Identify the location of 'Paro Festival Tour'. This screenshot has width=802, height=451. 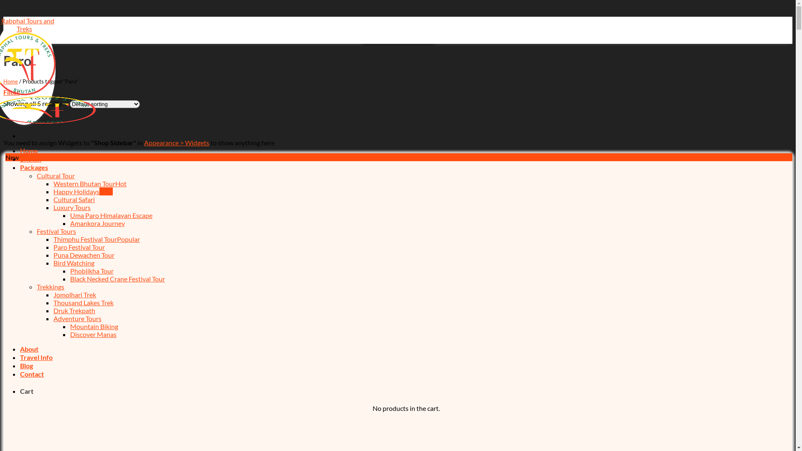
(79, 246).